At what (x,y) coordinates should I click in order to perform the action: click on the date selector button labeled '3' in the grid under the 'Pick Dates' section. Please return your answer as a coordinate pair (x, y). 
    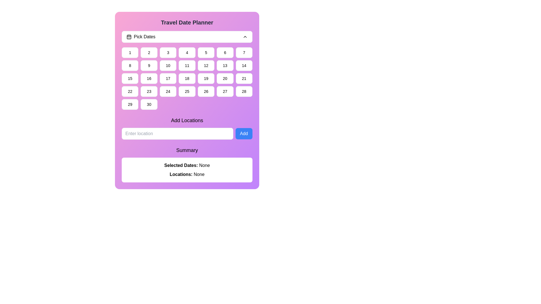
    Looking at the image, I should click on (168, 52).